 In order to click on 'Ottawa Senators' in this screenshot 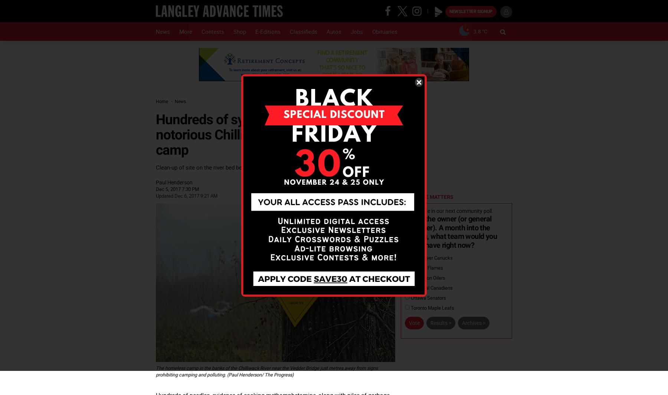, I will do `click(428, 297)`.